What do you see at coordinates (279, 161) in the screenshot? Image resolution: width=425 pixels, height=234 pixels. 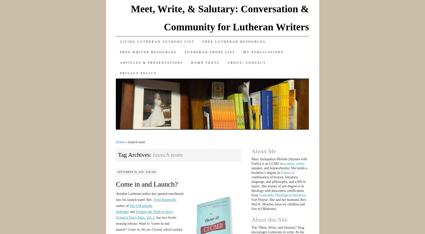 I see `'Mary Jackquelyn Moerbe (rhymes with Furby) is an LCMS'` at bounding box center [279, 161].